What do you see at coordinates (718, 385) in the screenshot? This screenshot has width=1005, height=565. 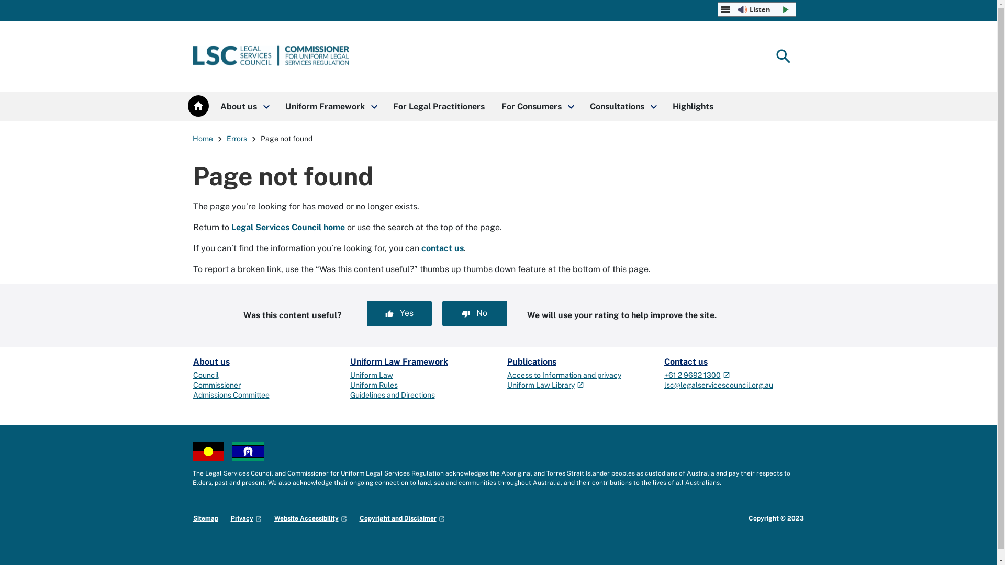 I see `'lsc@legalservicescouncil.org.au'` at bounding box center [718, 385].